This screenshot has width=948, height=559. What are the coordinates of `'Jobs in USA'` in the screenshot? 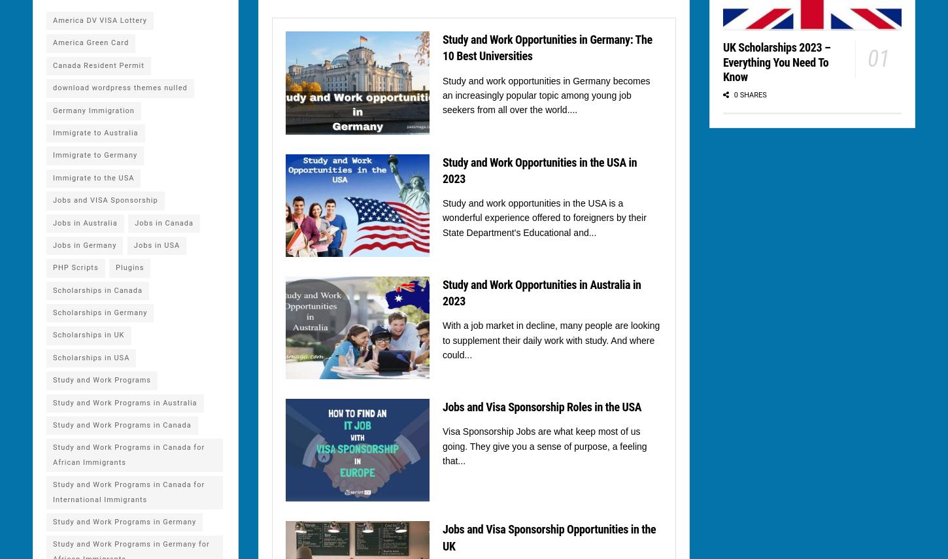 It's located at (156, 244).